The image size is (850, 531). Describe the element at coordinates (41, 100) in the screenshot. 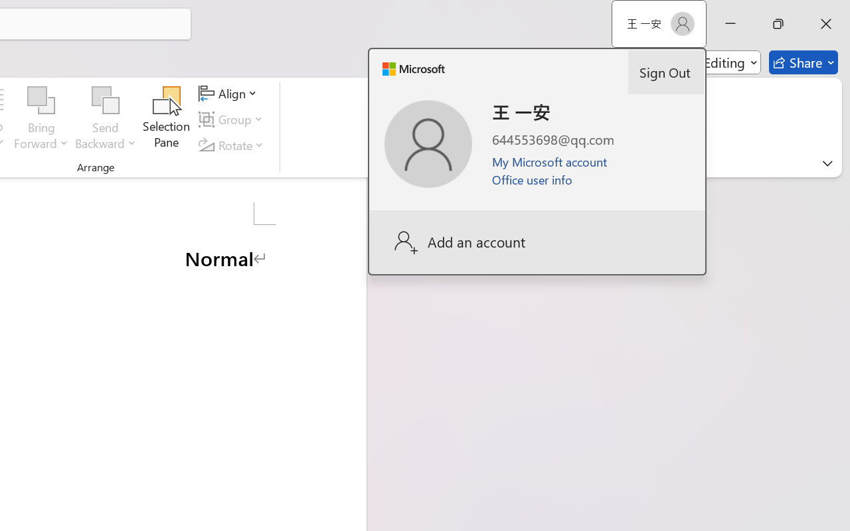

I see `'Bring Forward'` at that location.